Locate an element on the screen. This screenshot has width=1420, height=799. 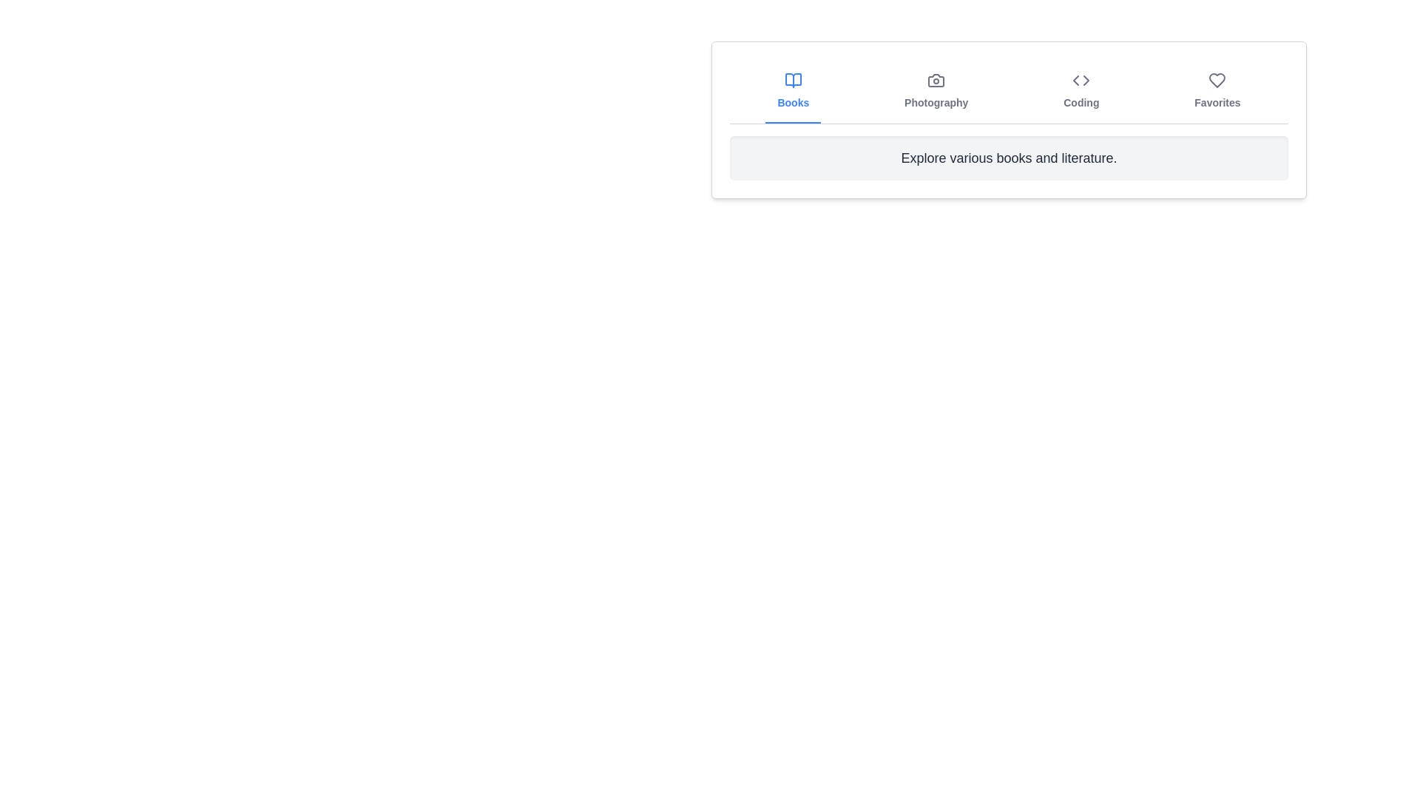
the 'Favorites' navigation button is located at coordinates (1217, 91).